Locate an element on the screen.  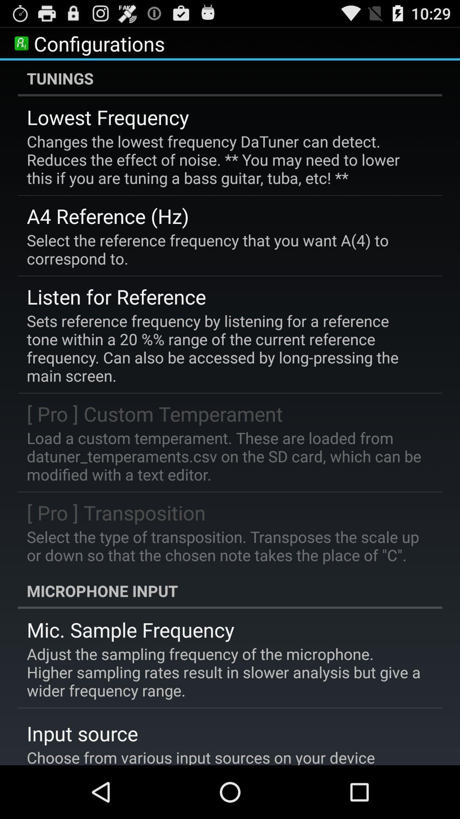
the icon above the adjust the sampling app is located at coordinates (130, 630).